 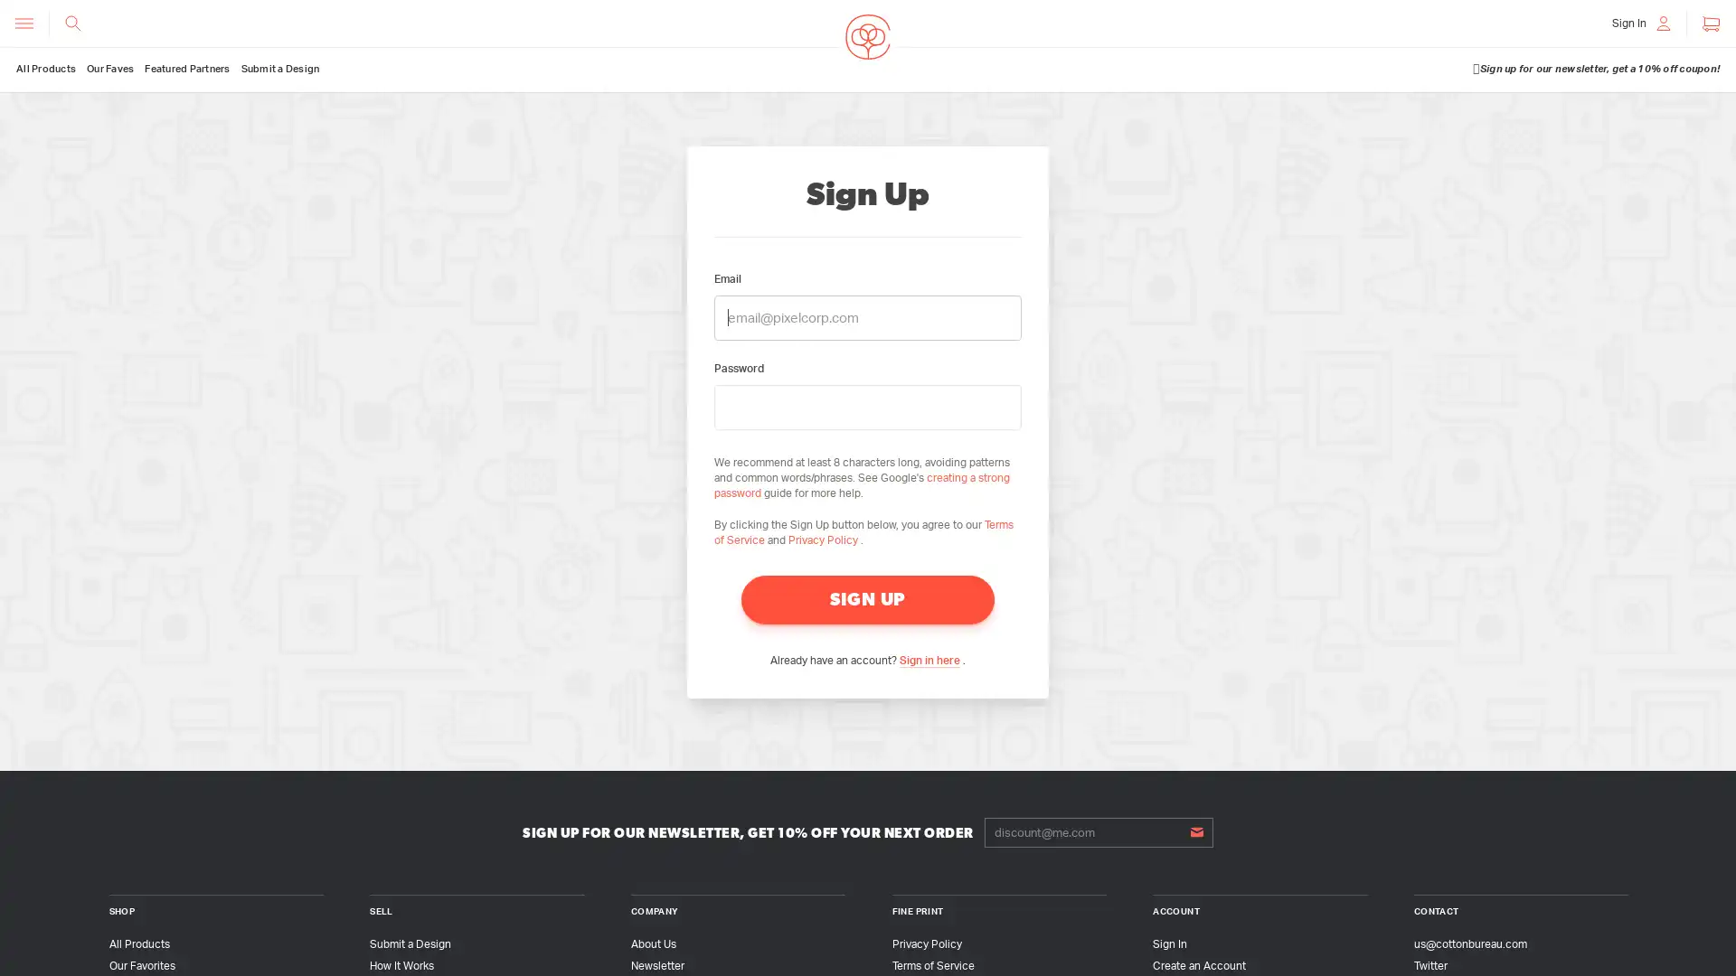 What do you see at coordinates (868, 599) in the screenshot?
I see `SIGN UP` at bounding box center [868, 599].